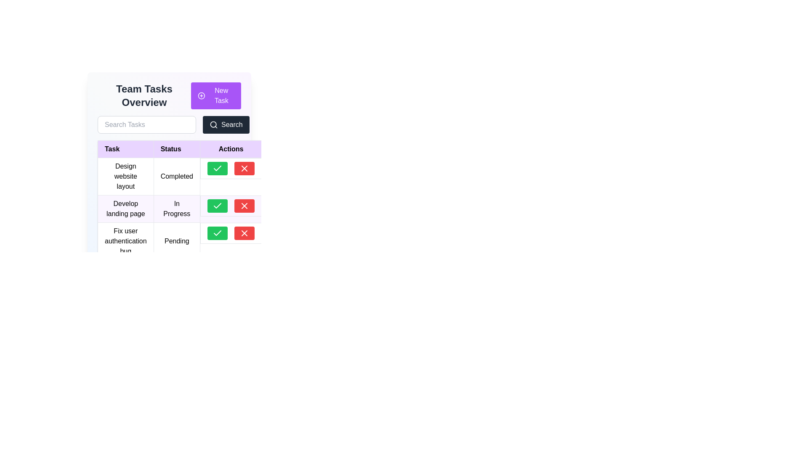  Describe the element at coordinates (244, 233) in the screenshot. I see `the red delete button with an 'X' icon, located in the 'Actions' column of the table row for the task 'Fix user authentication bug'` at that location.